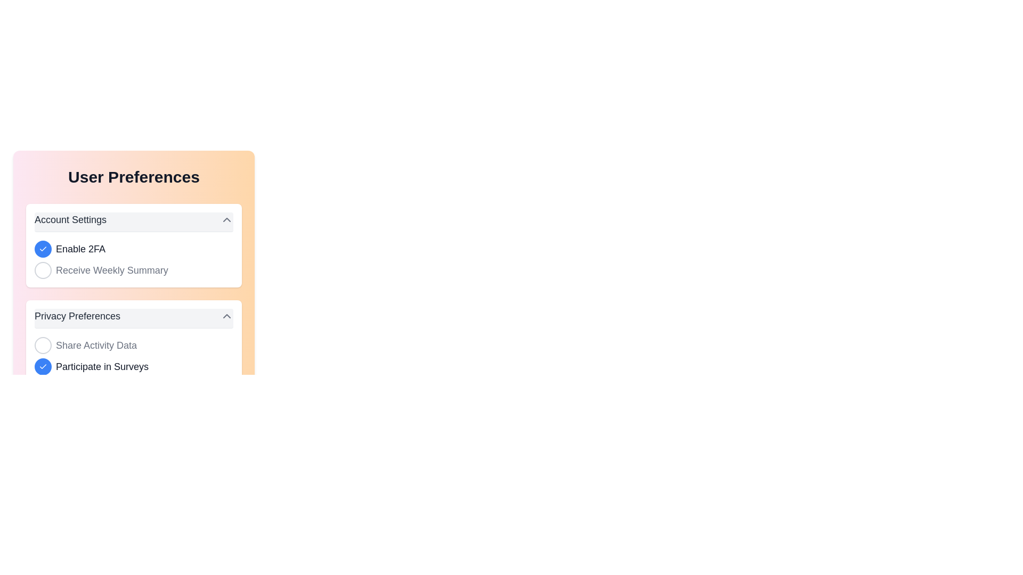  I want to click on the circular checkbox with a blue background and white checkmark icon located, so click(43, 366).